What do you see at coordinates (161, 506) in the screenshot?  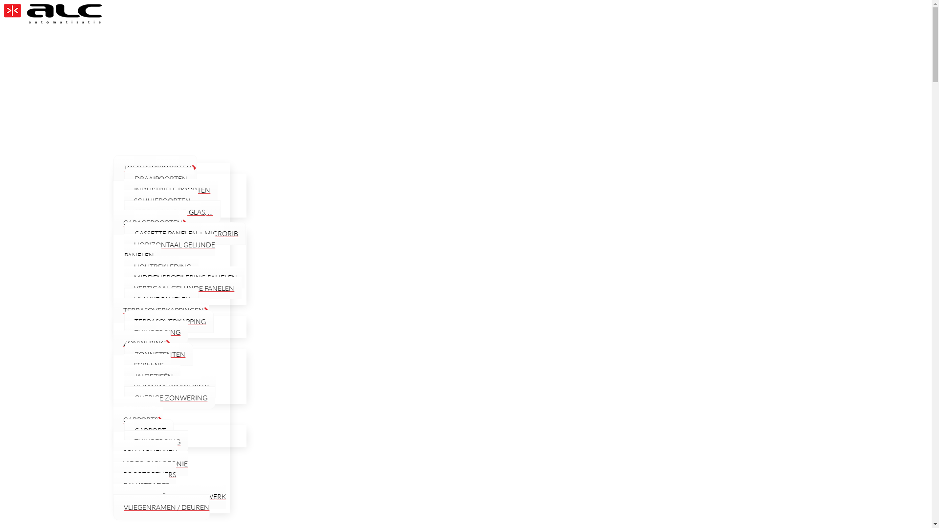 I see `'VLIEGENRAMEN / DEUREN'` at bounding box center [161, 506].